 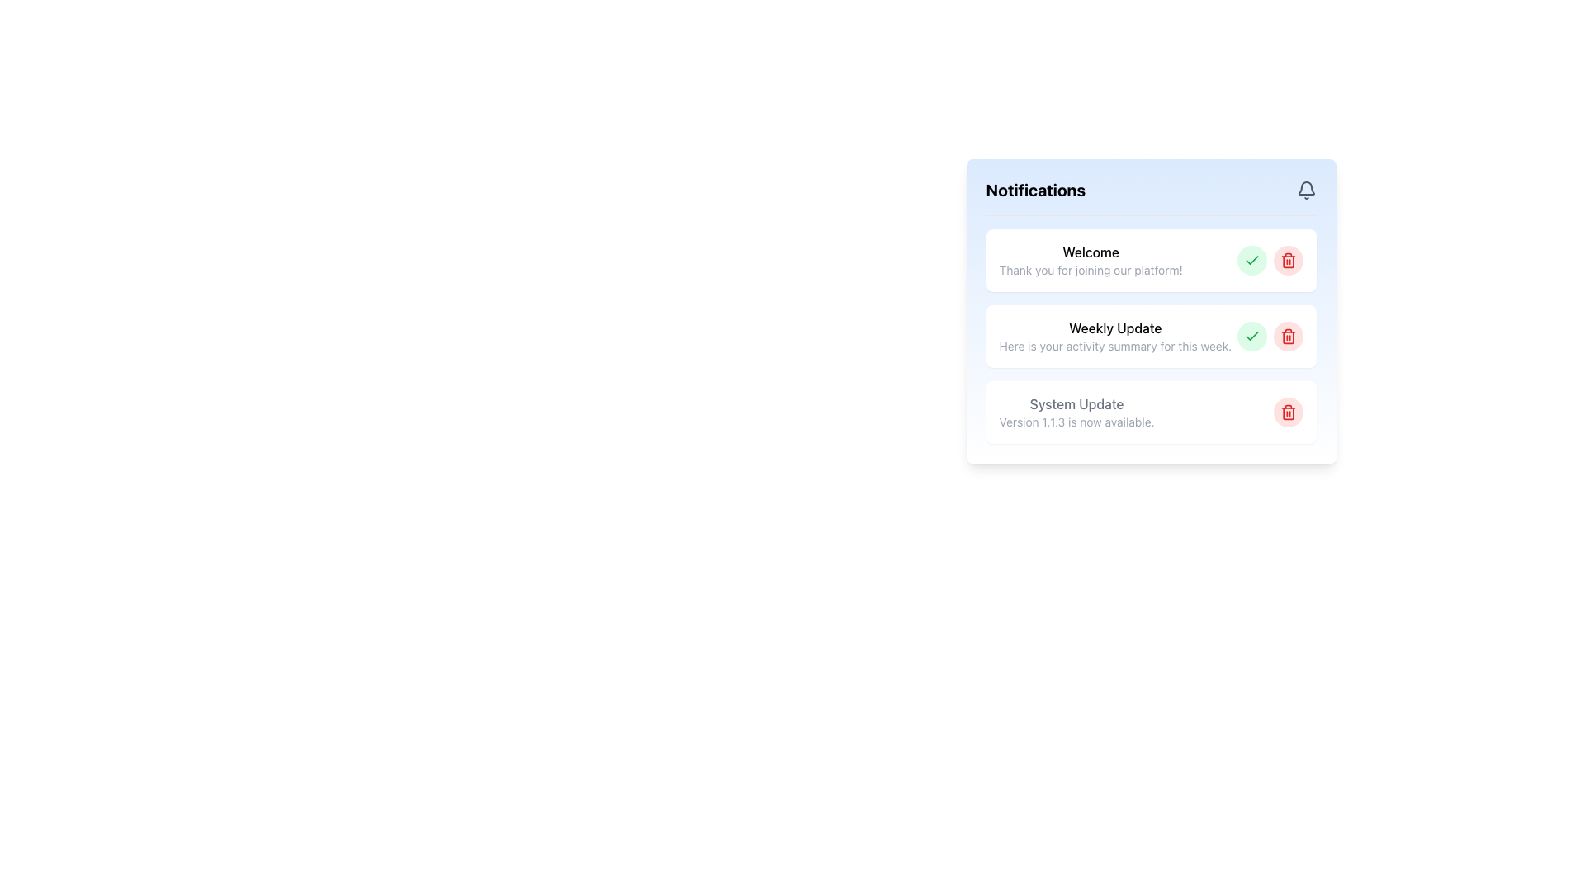 I want to click on the trash icon button, which is a red icon symbolizing deletion, located at the bottom-right corner of the 'System Update' notification card, so click(x=1287, y=412).